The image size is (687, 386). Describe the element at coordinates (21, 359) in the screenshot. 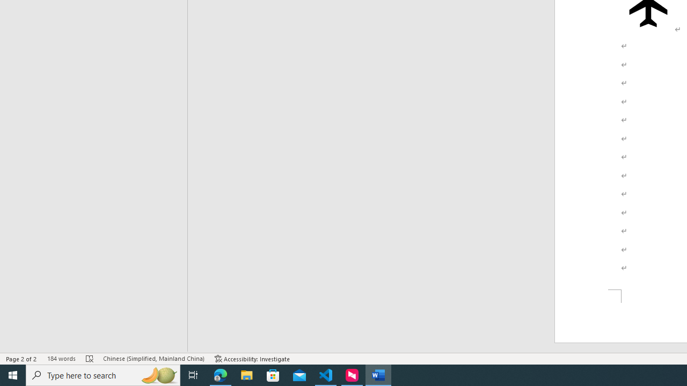

I see `'Page Number Page 2 of 2'` at that location.